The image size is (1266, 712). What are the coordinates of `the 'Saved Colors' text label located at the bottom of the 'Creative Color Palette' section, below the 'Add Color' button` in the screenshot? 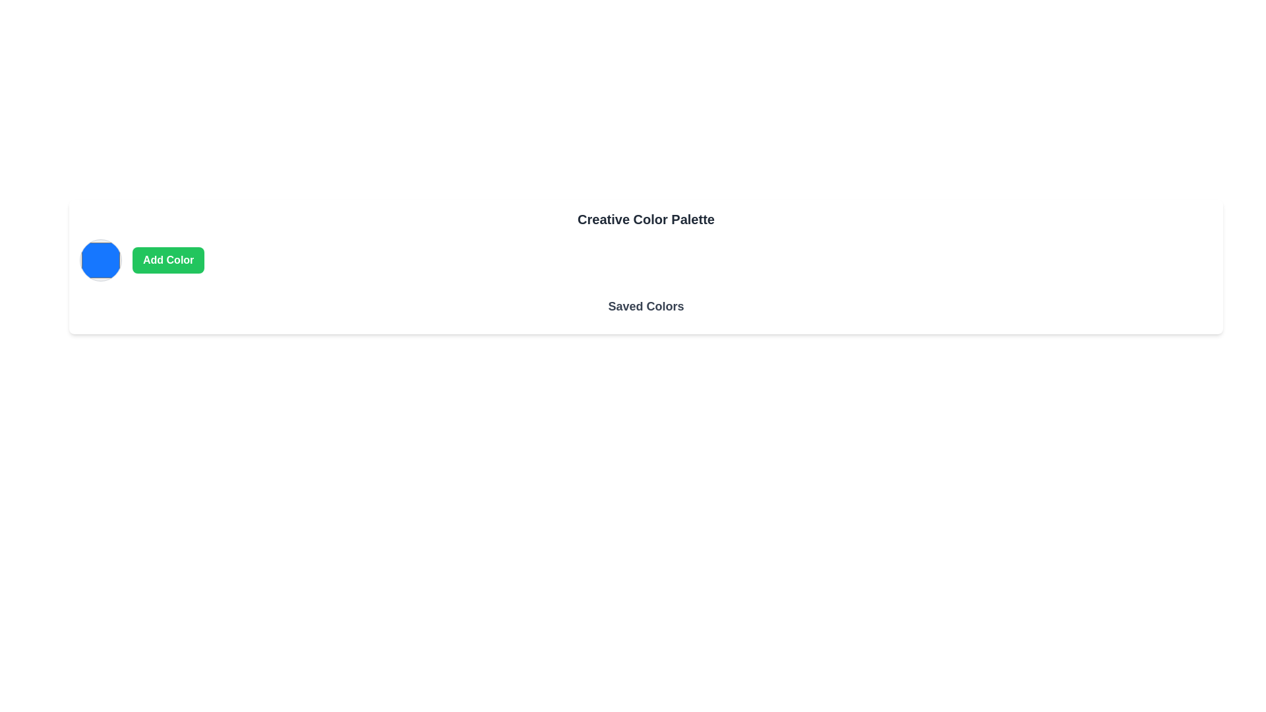 It's located at (646, 310).